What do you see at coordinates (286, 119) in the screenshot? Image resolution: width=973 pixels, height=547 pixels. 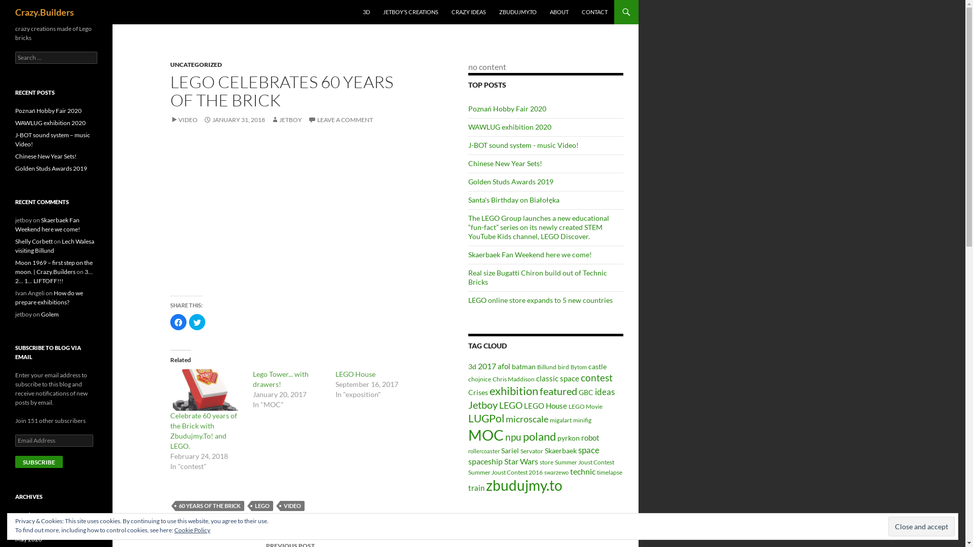 I see `'JETBOY'` at bounding box center [286, 119].